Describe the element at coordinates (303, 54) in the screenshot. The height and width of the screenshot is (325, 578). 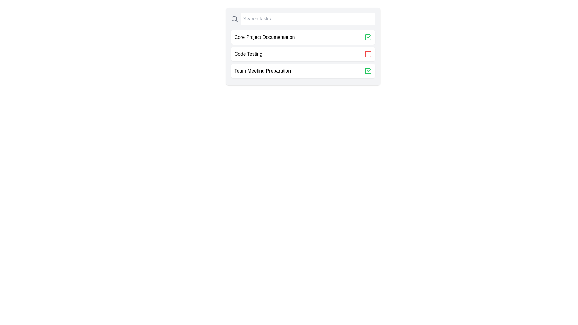
I see `the task Code Testing to view its hover effect` at that location.